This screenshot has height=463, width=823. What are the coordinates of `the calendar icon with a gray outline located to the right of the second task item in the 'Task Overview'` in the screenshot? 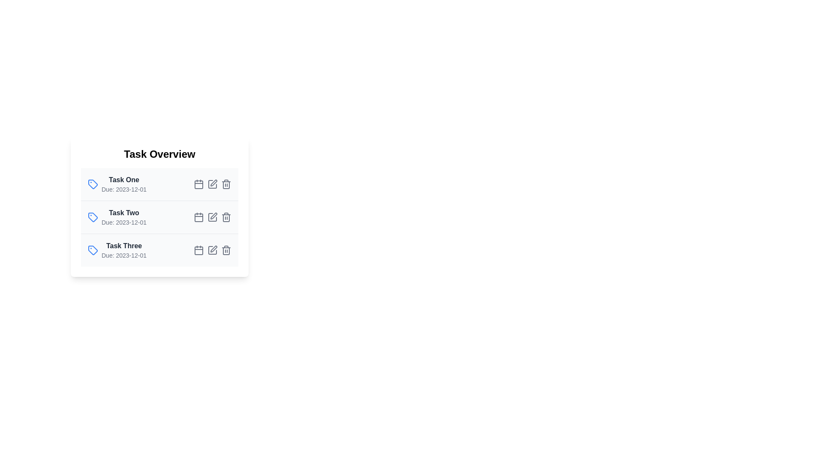 It's located at (198, 216).